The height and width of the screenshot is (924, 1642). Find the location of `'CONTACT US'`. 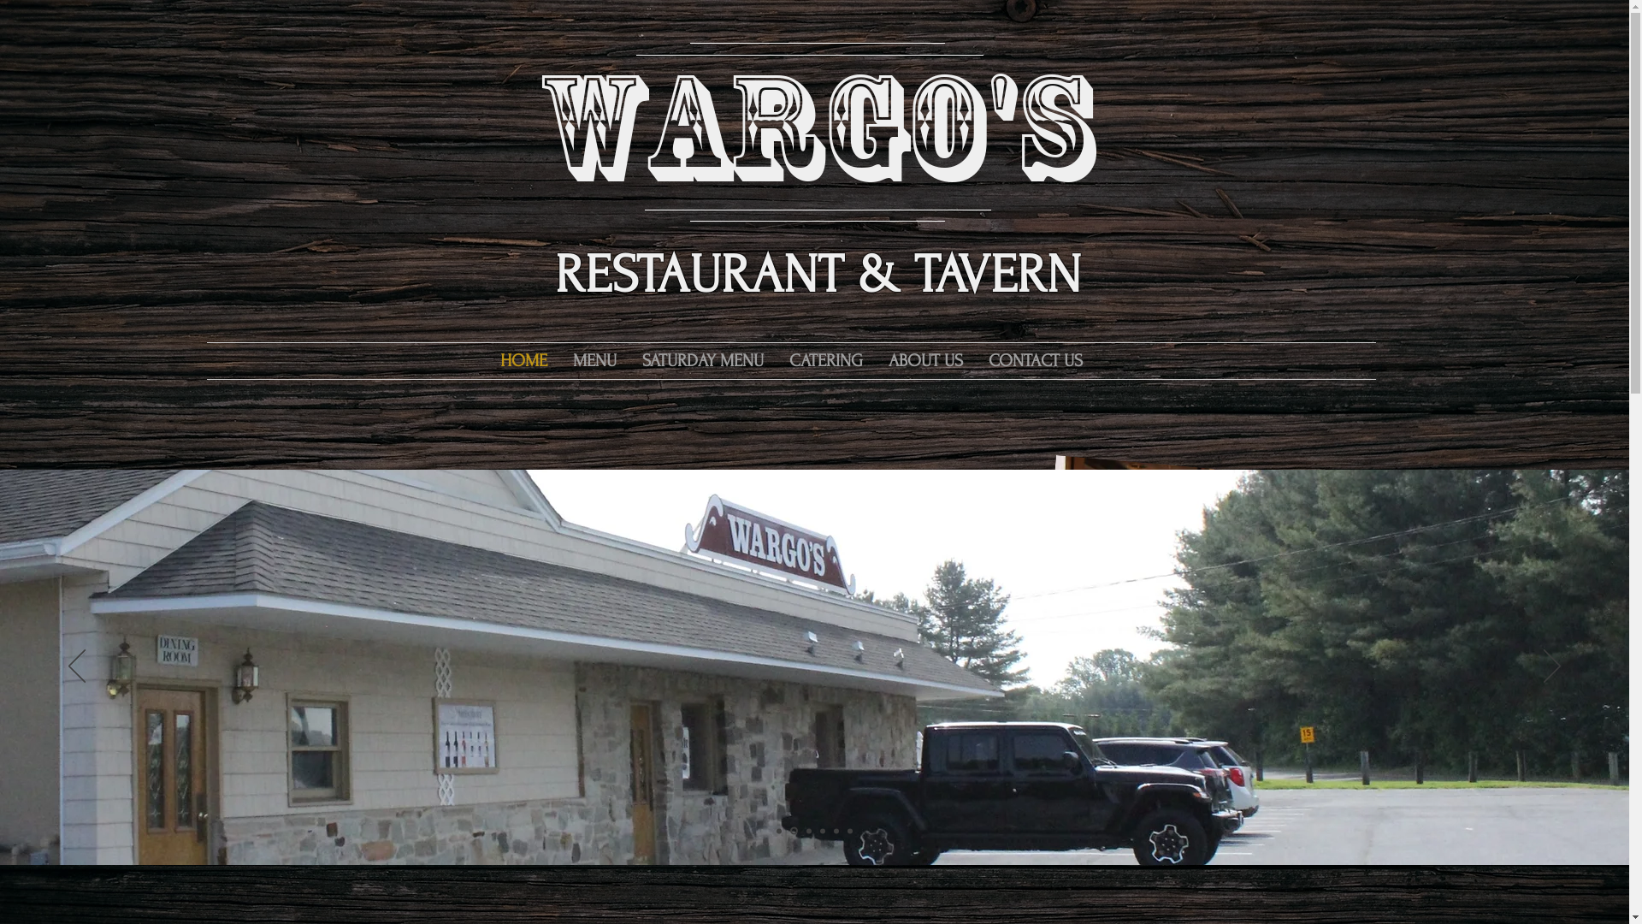

'CONTACT US' is located at coordinates (1033, 359).